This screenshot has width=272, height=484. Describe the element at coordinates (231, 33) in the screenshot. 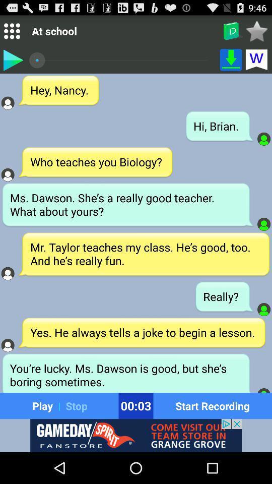

I see `the book icon` at that location.